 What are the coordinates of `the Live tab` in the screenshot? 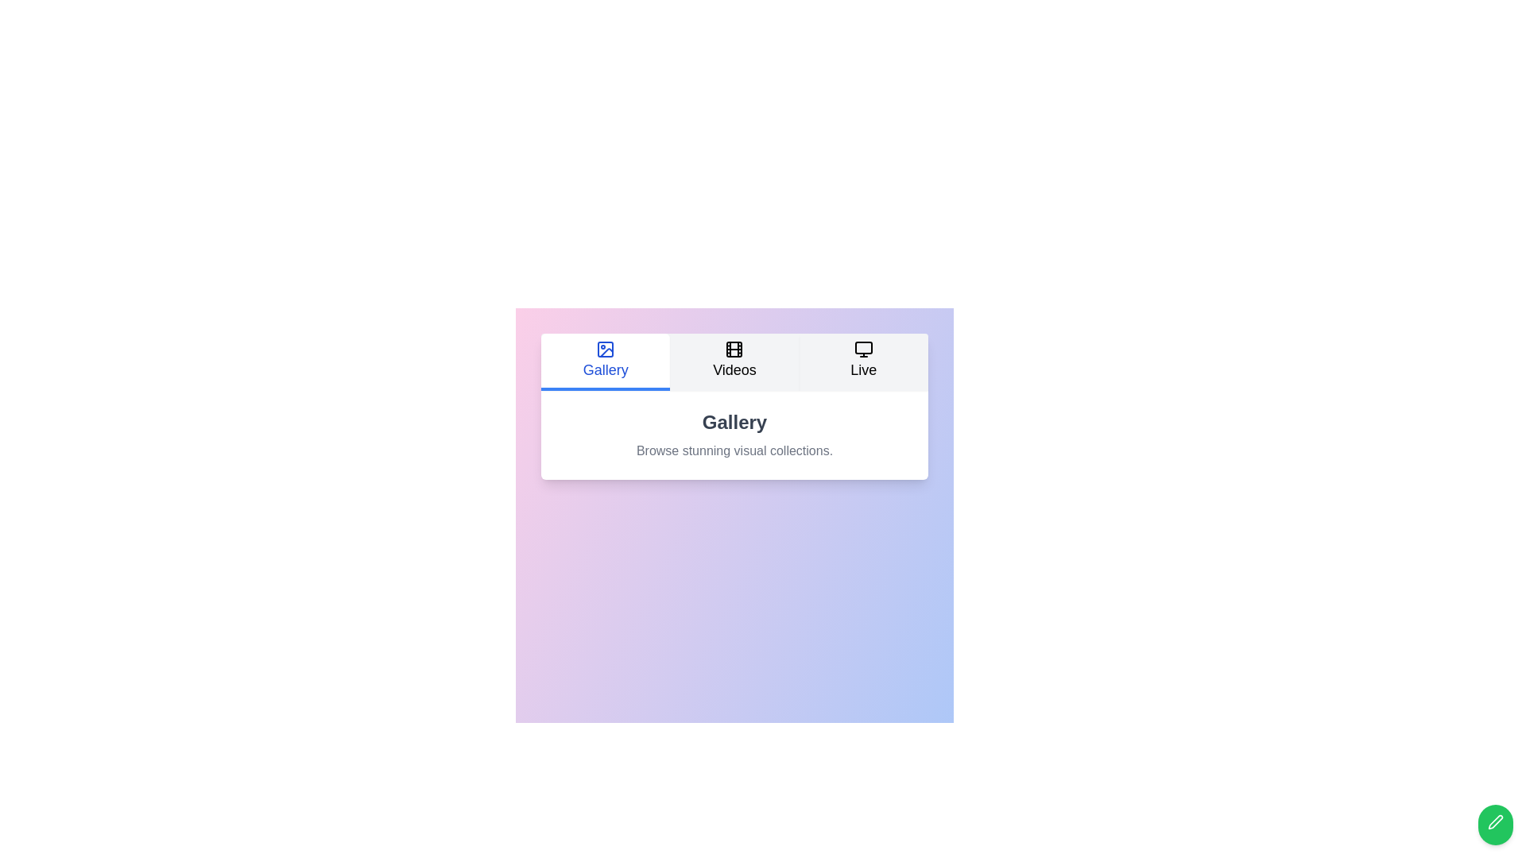 It's located at (862, 361).